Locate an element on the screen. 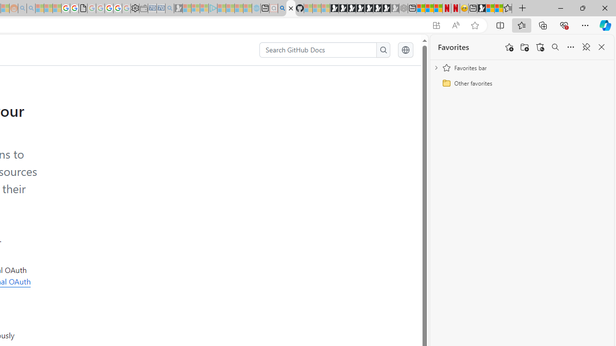 Image resolution: width=616 pixels, height=346 pixels. 'Read aloud this page (Ctrl+Shift+U)' is located at coordinates (455, 25).